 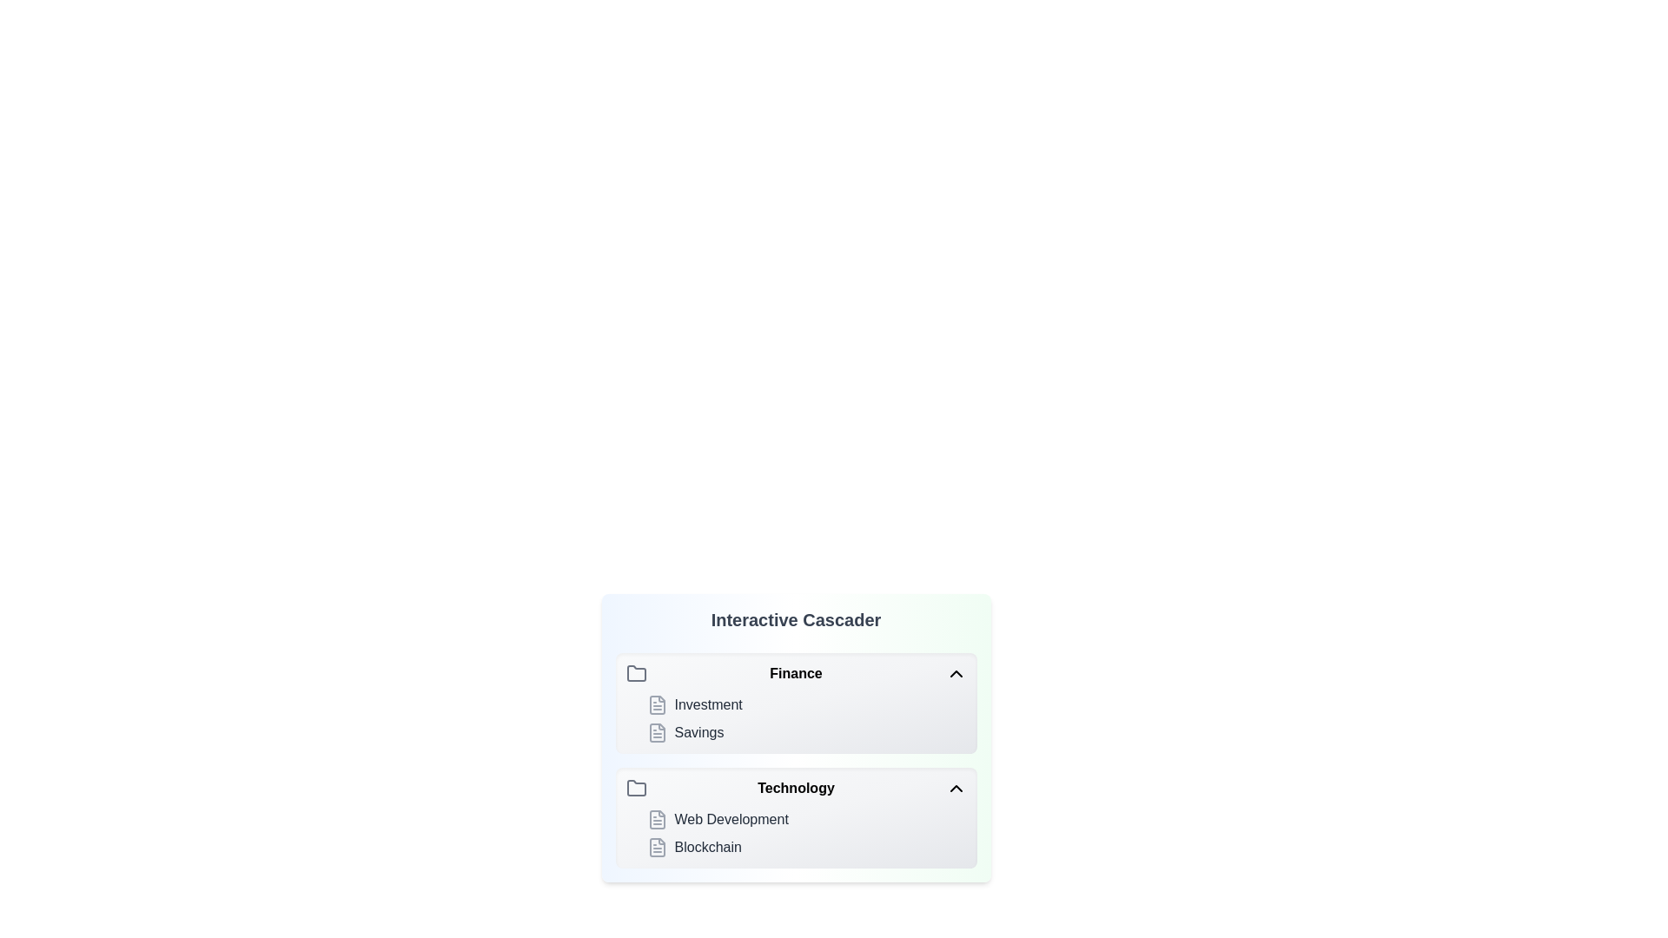 What do you see at coordinates (795, 618) in the screenshot?
I see `the header text element styled in bold gray color that displays 'Interactive Cascader', located at the top of the panel above categorized expandable items` at bounding box center [795, 618].